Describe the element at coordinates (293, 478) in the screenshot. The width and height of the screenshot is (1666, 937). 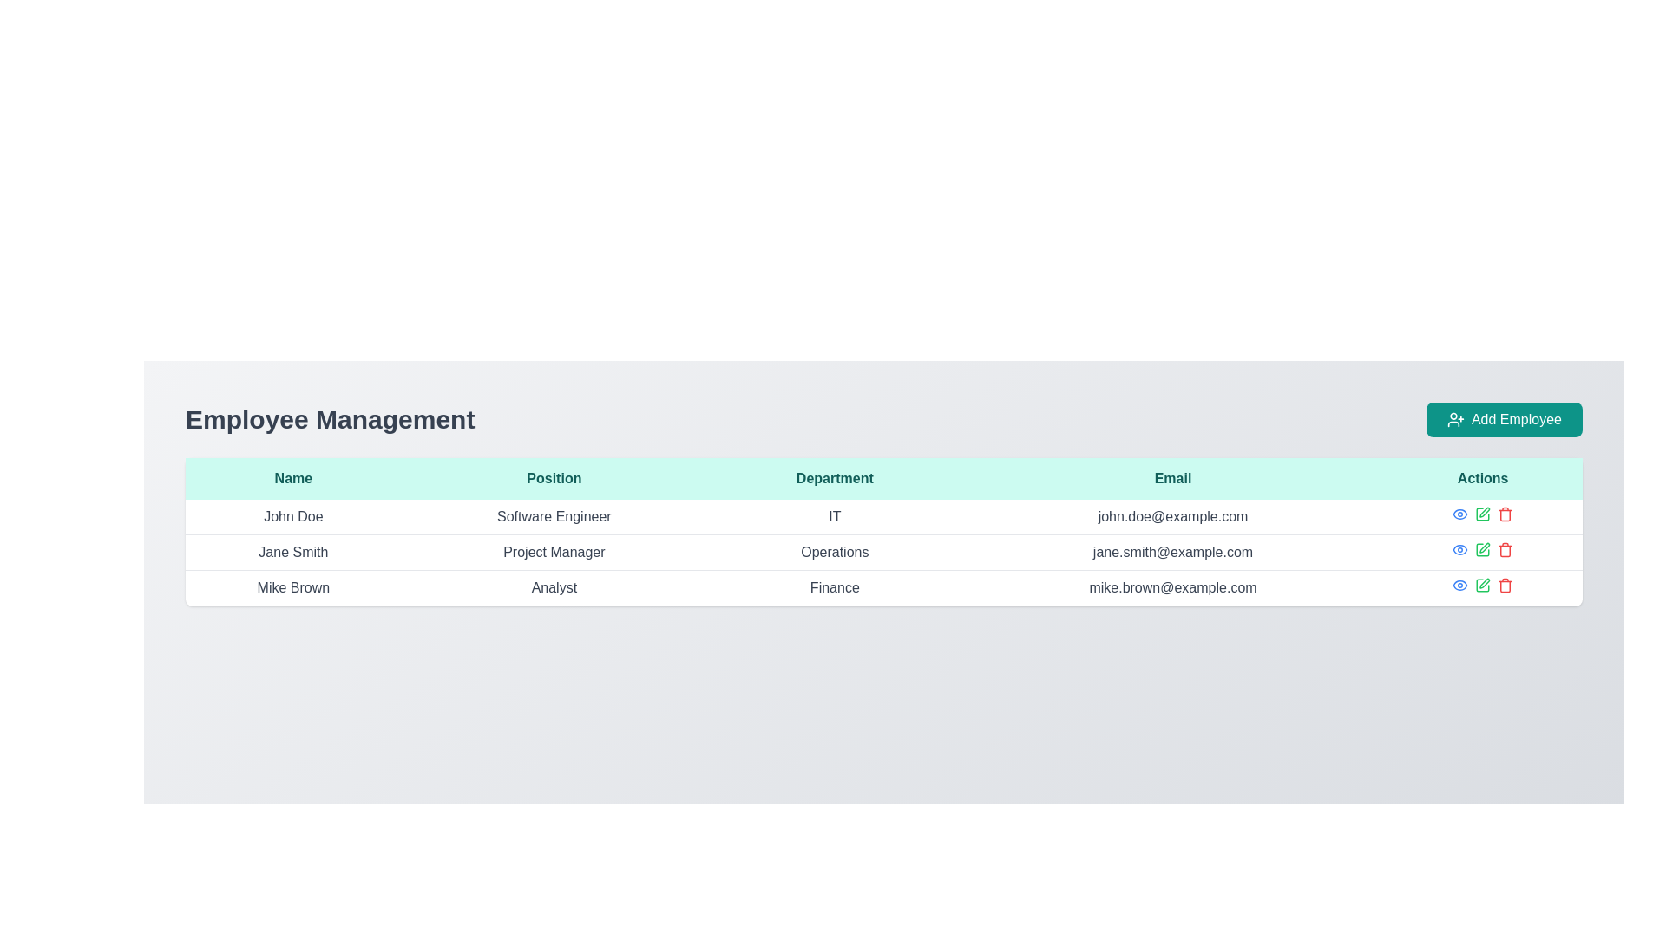
I see `the table header labeled 'Name', which is styled in bold teal color and is the first header in the row of a table` at that location.